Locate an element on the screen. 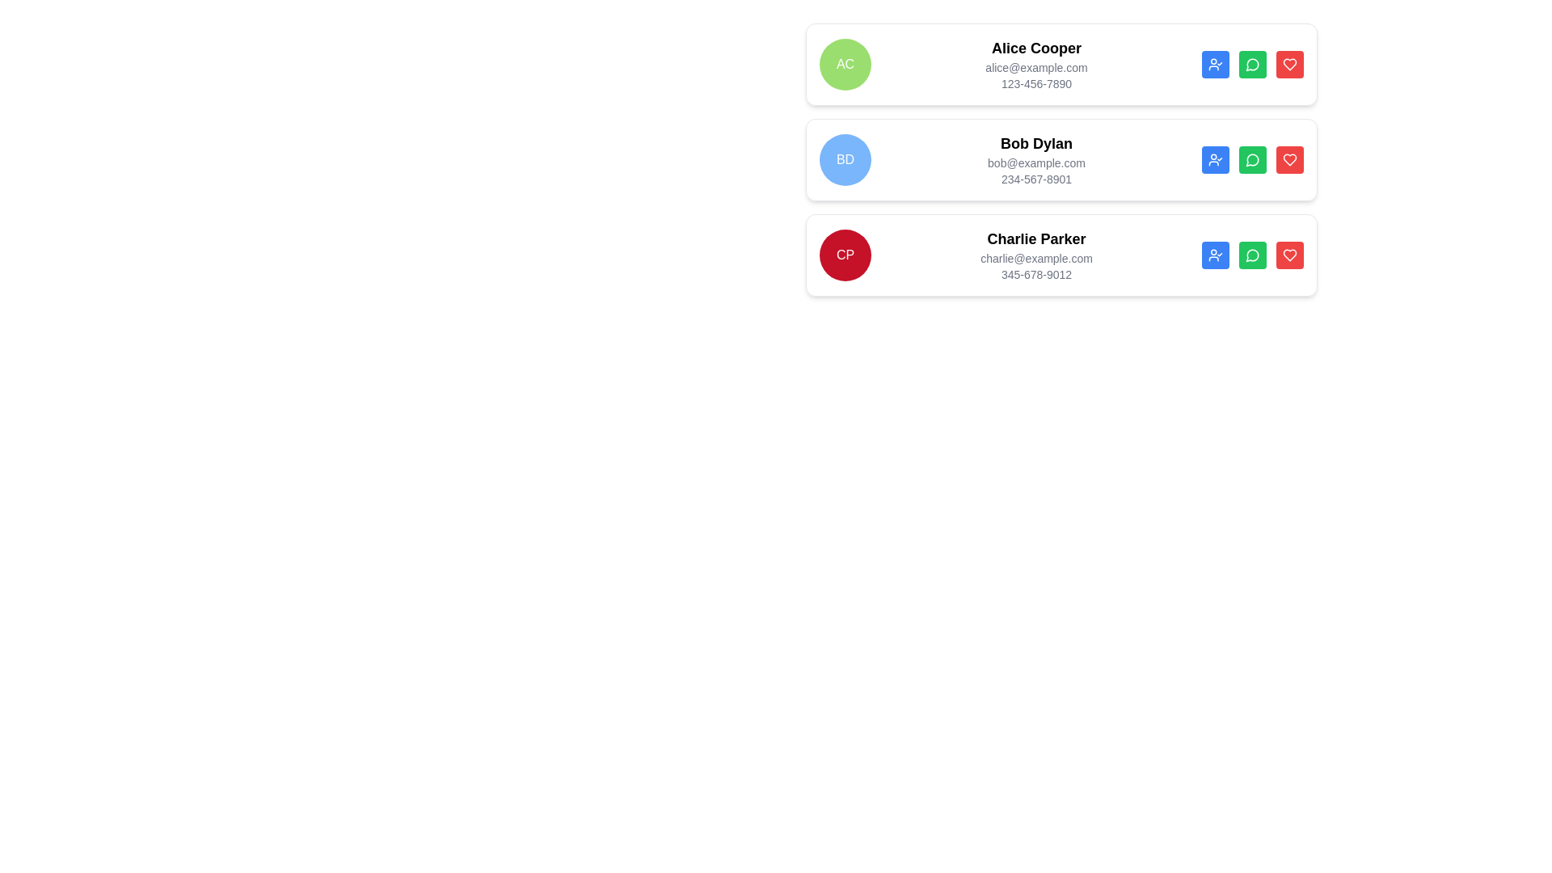  the non-interactive text label that displays the name of a contact in the third card of the vertical list of contact cards is located at coordinates (1036, 239).